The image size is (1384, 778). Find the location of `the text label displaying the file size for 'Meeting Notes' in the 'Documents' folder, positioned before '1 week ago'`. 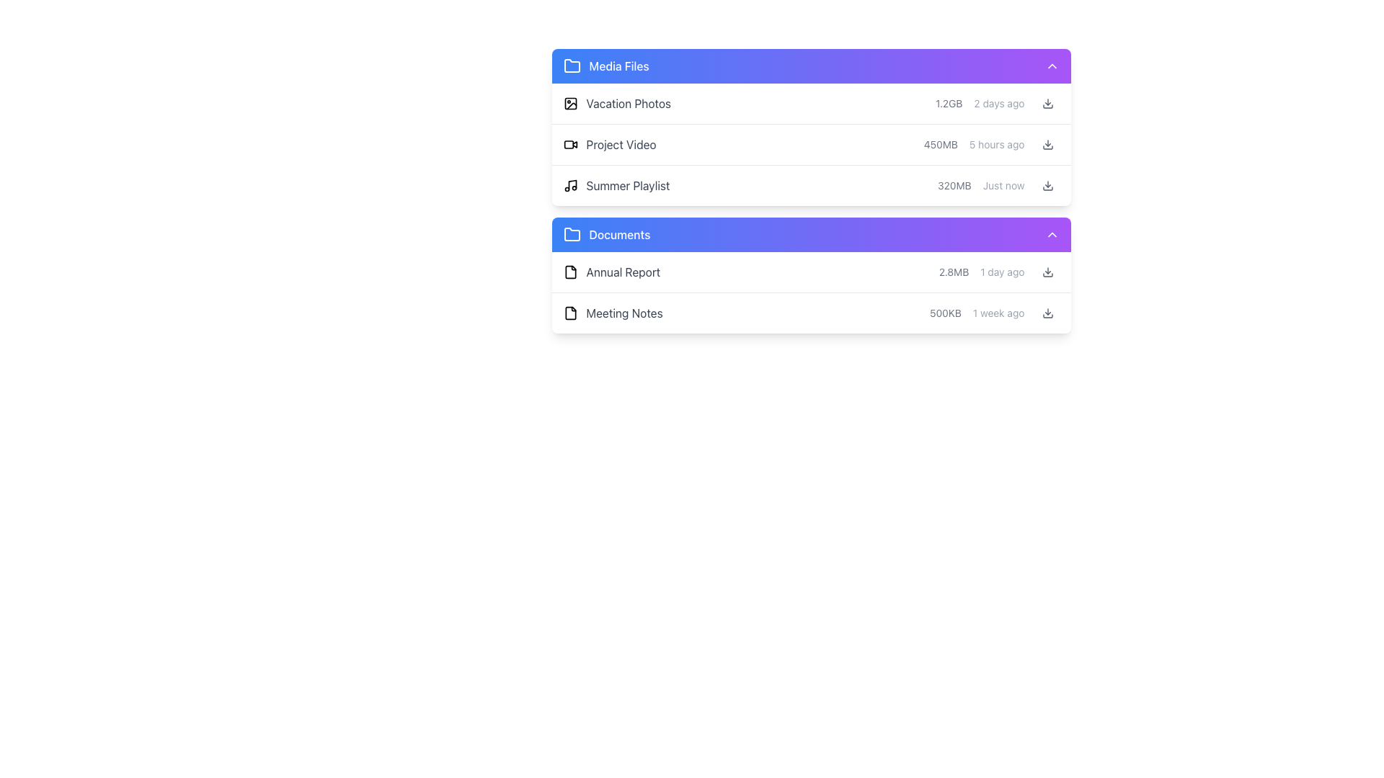

the text label displaying the file size for 'Meeting Notes' in the 'Documents' folder, positioned before '1 week ago' is located at coordinates (945, 313).